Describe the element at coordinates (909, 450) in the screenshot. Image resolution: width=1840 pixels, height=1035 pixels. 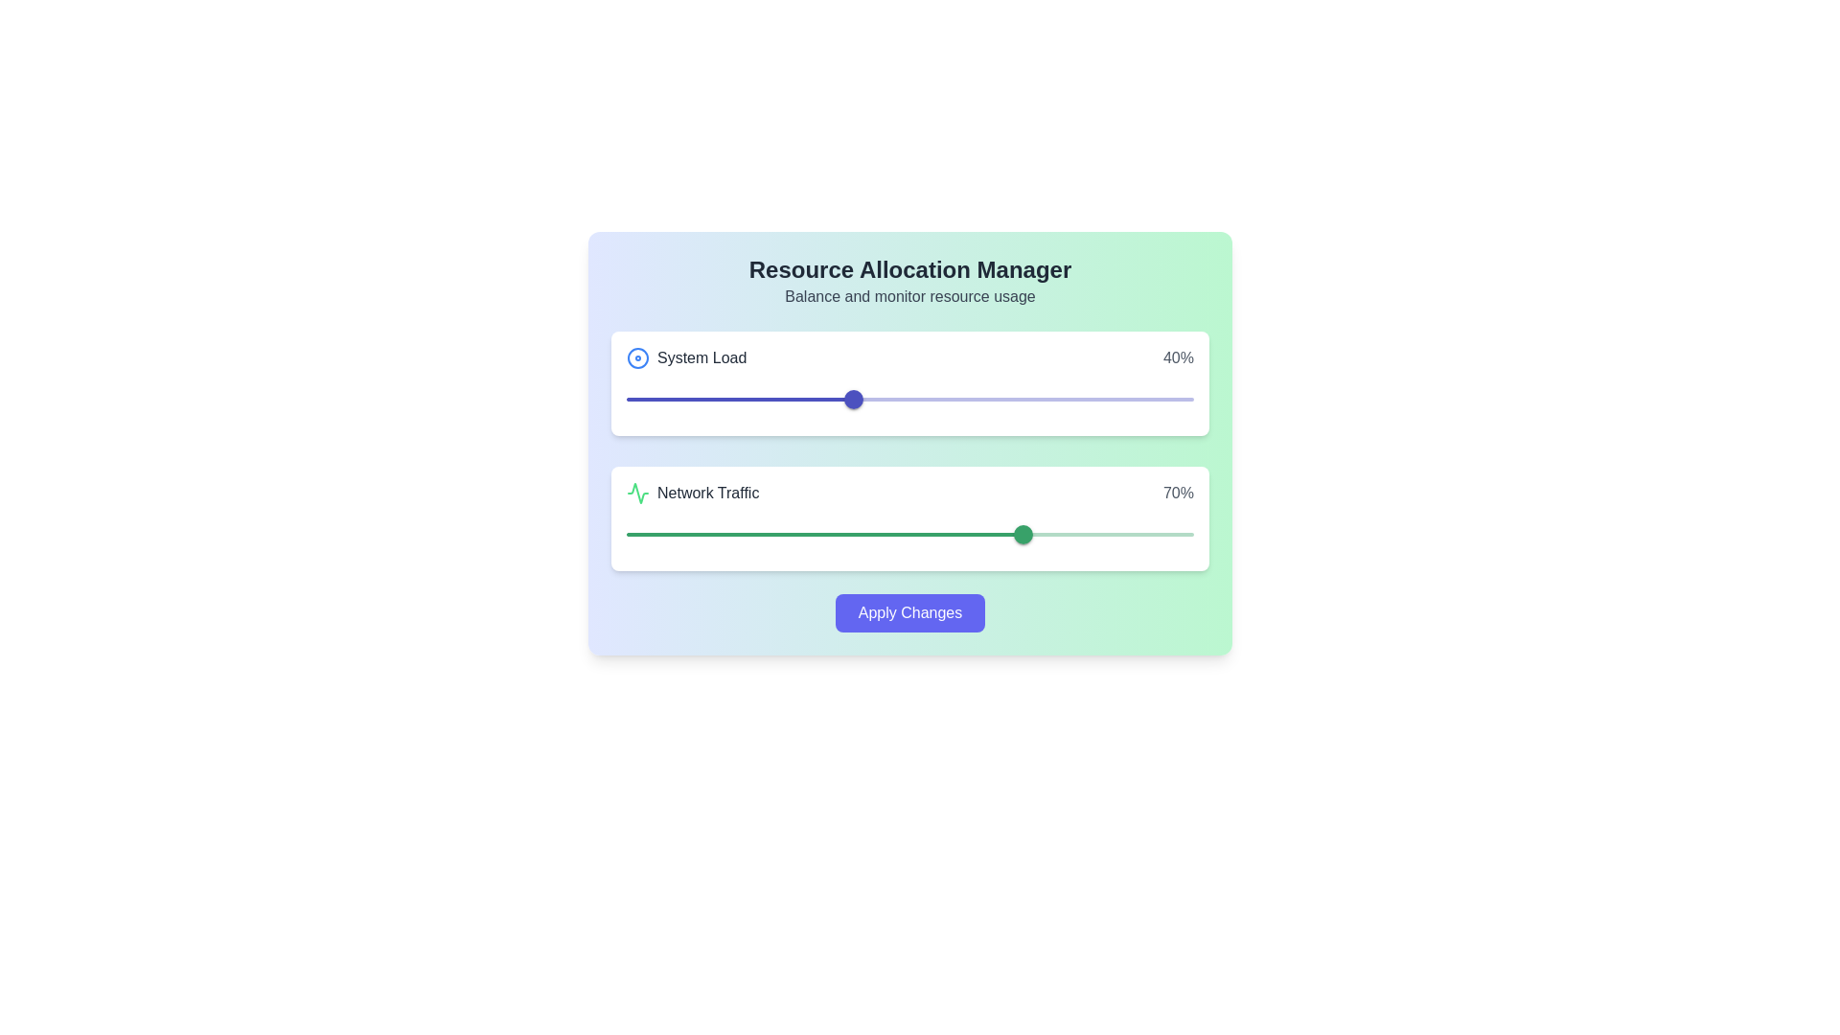
I see `and drag the slider indicator in the 'System Load' panel, which is positioned at 40%, to adjust resource settings` at that location.